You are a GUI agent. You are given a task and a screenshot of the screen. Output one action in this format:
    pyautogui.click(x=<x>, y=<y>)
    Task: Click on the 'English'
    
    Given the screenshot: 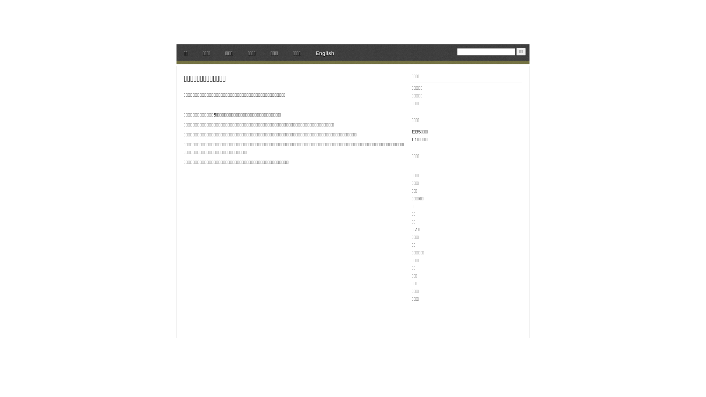 What is the action you would take?
    pyautogui.click(x=324, y=54)
    